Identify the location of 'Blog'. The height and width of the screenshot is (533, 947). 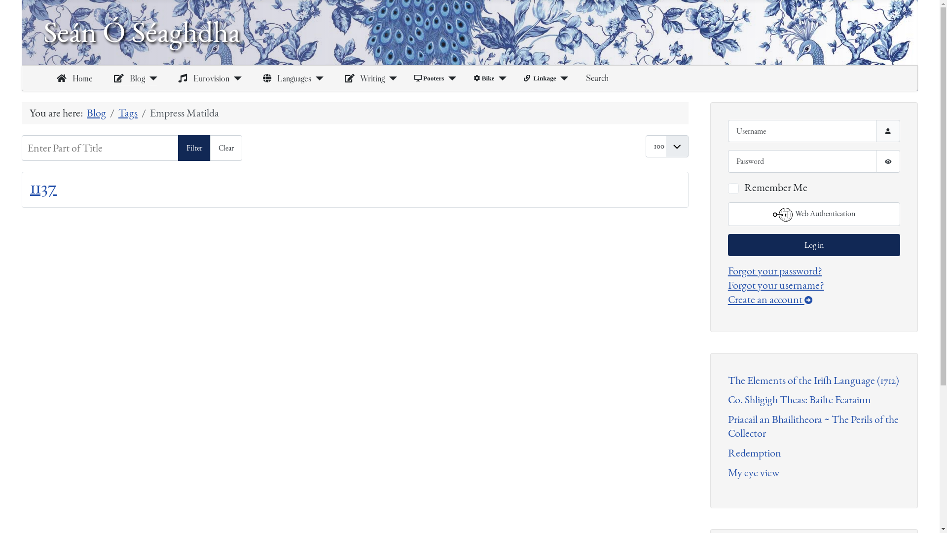
(127, 77).